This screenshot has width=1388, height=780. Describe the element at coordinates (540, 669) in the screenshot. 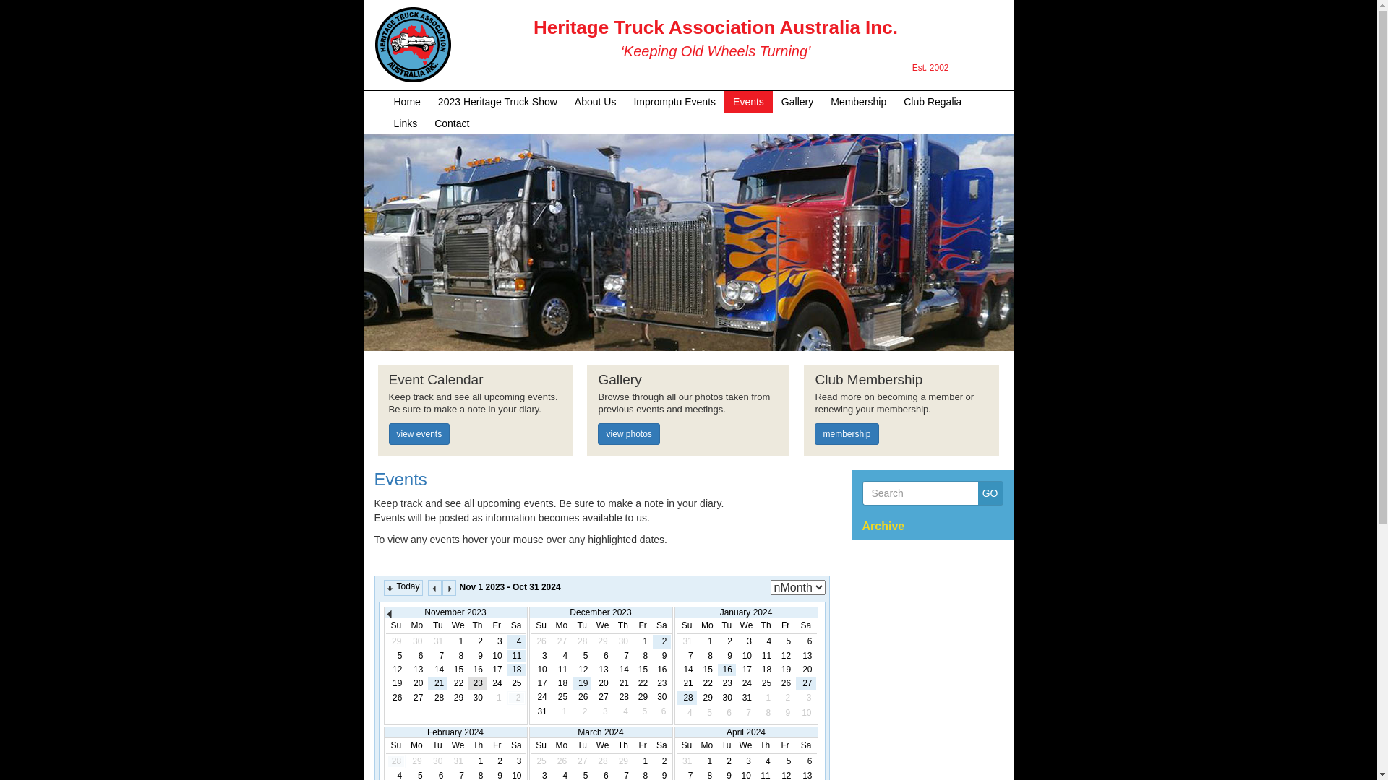

I see `'10'` at that location.